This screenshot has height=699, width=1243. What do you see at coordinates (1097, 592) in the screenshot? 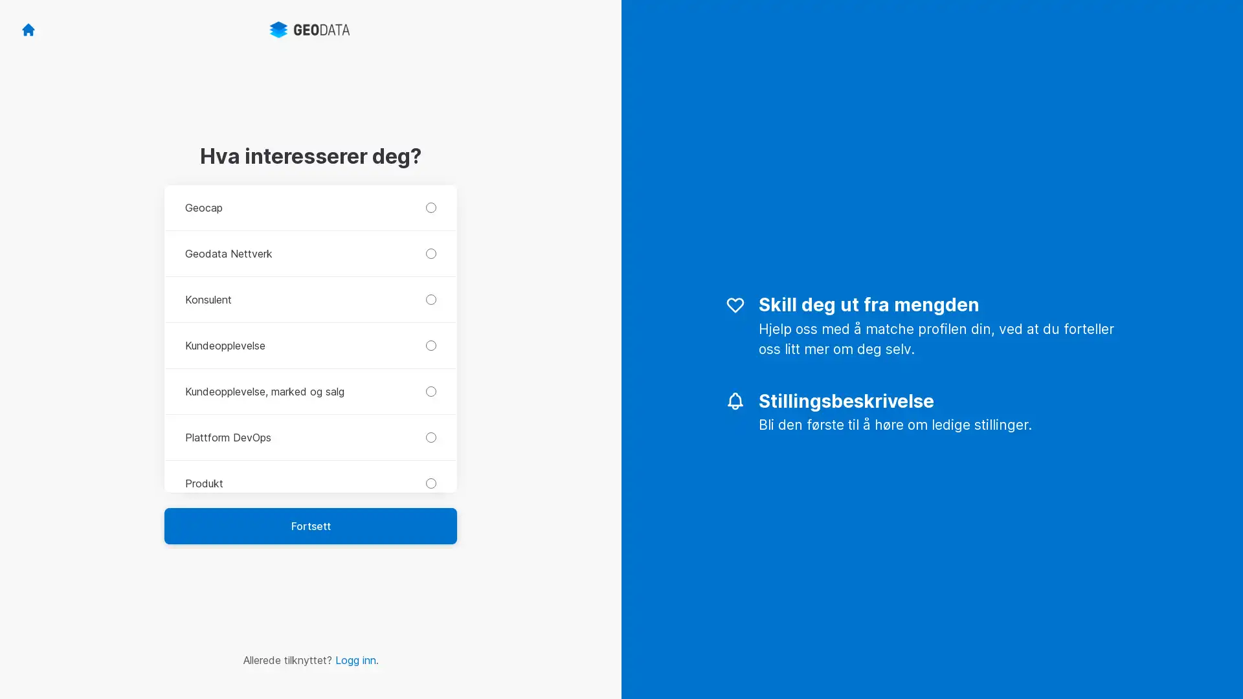
I see `Deaktivere alle` at bounding box center [1097, 592].